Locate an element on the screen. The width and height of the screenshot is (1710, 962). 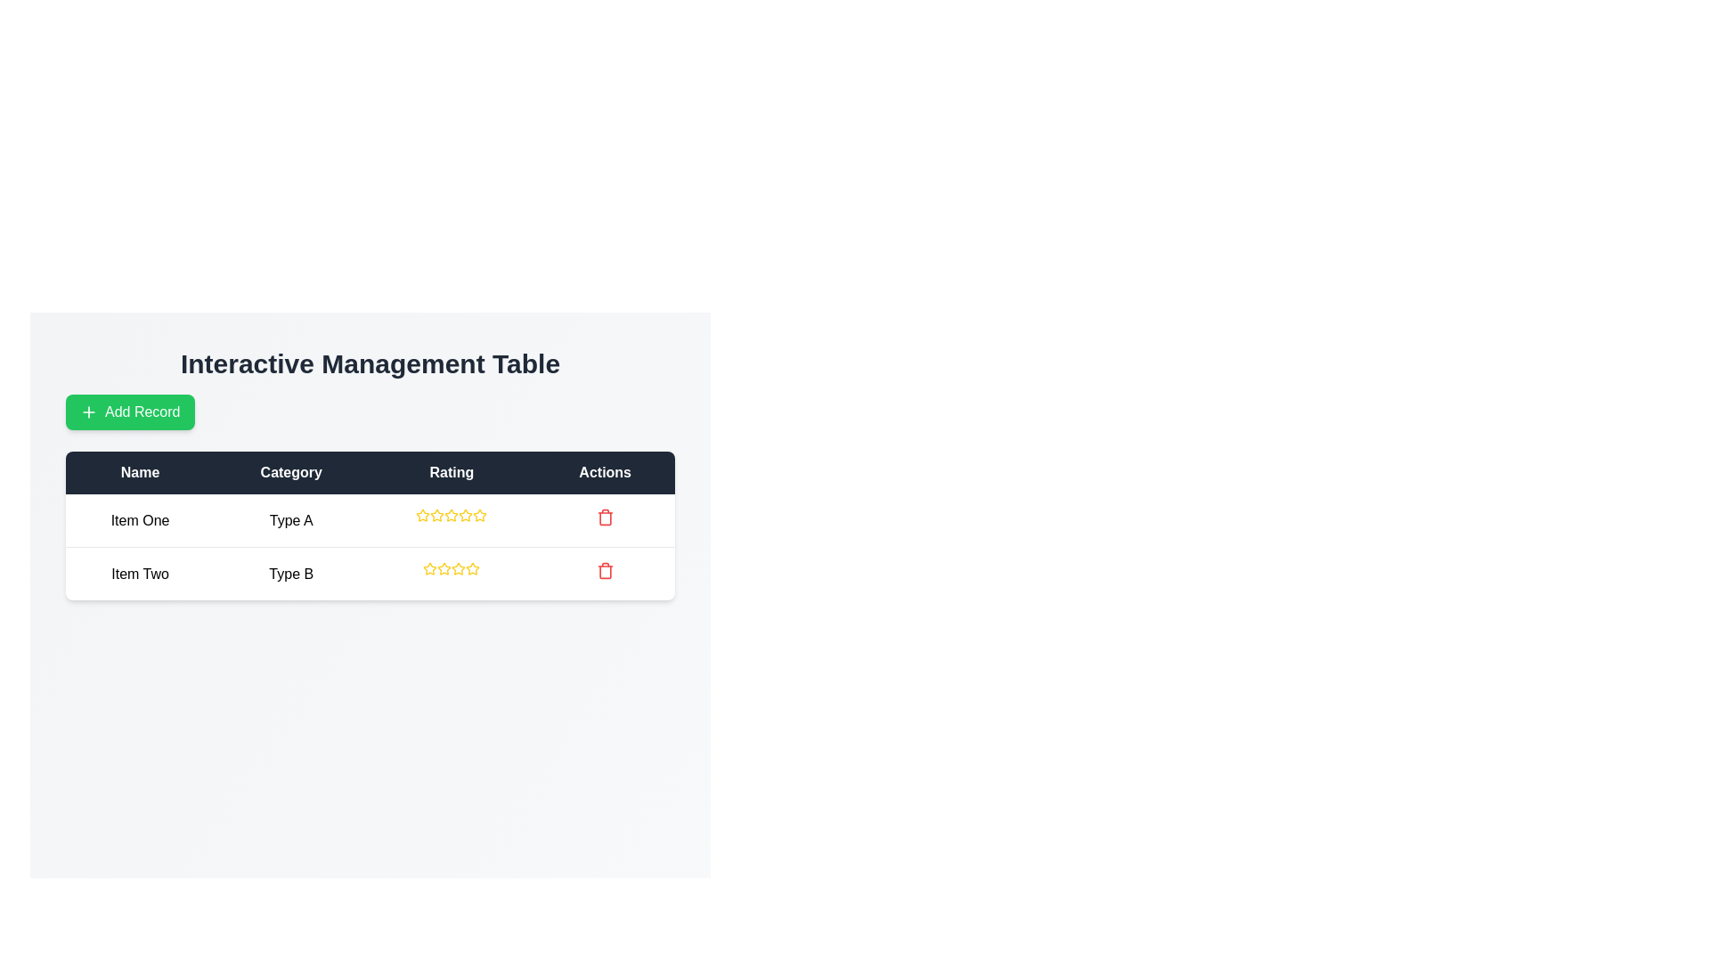
the text label displaying 'Type B' located in the second row of the 'Category' column in the 'Interactive Management Table' is located at coordinates (291, 574).